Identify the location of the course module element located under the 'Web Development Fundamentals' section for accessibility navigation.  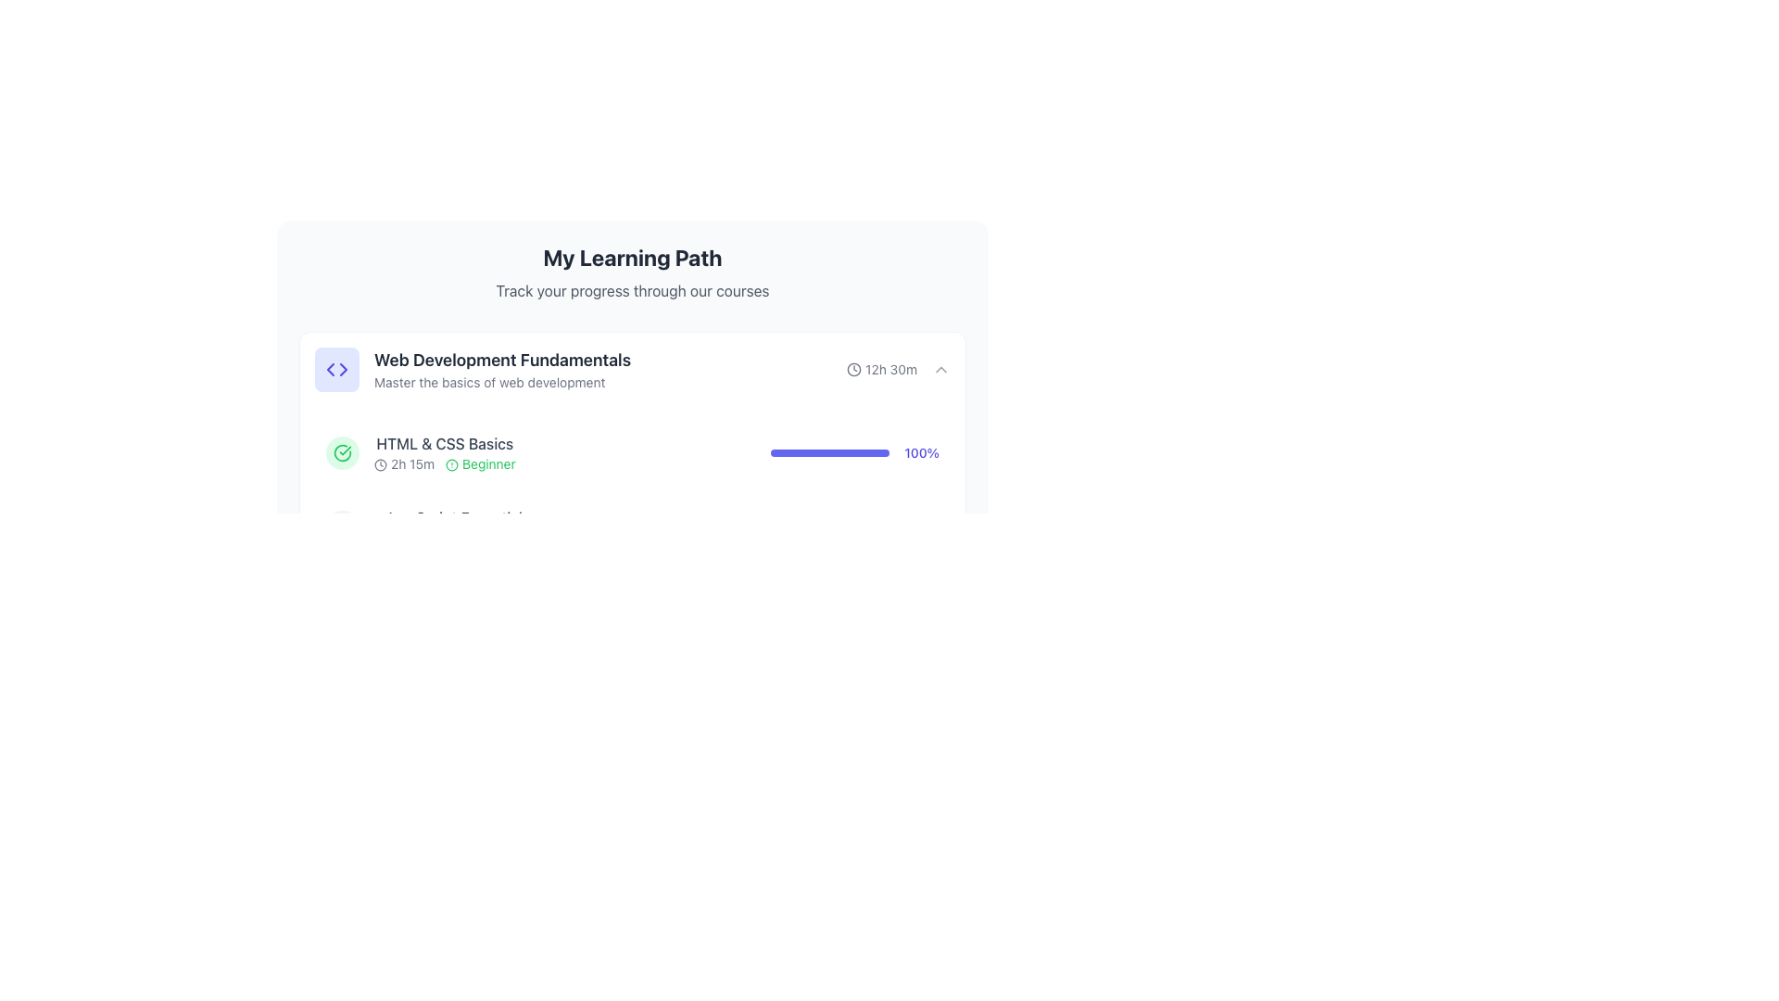
(445, 453).